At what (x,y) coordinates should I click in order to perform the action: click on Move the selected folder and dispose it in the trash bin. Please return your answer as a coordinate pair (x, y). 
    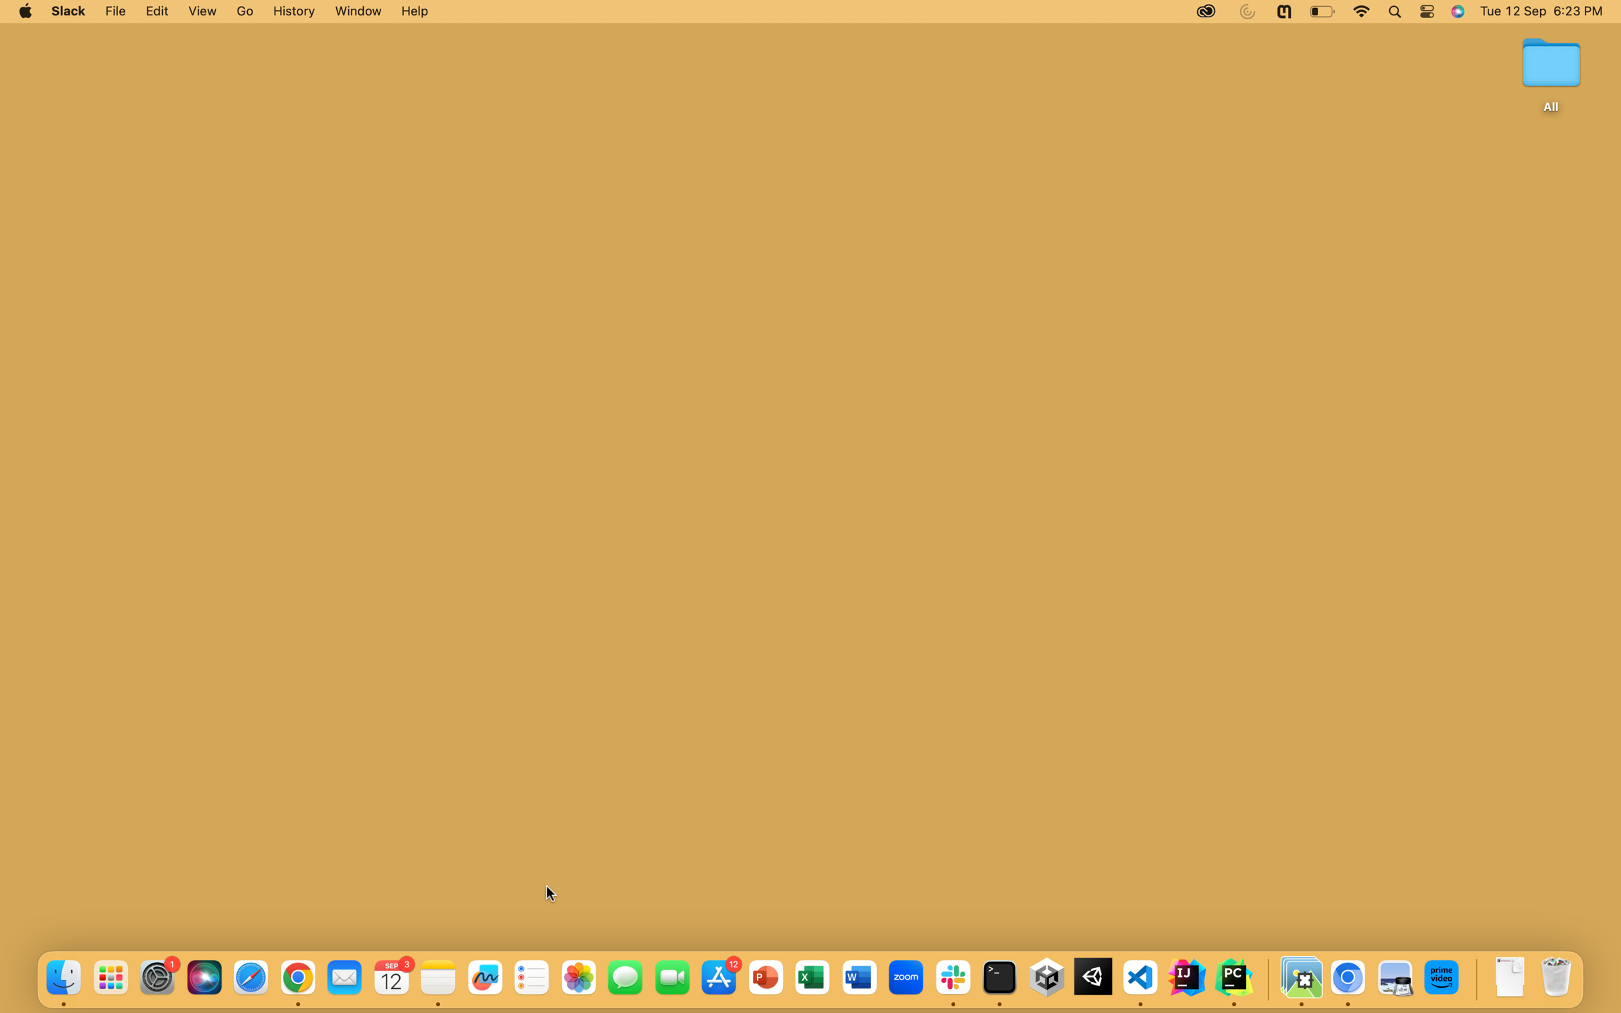
    Looking at the image, I should click on (5215567, 163093).